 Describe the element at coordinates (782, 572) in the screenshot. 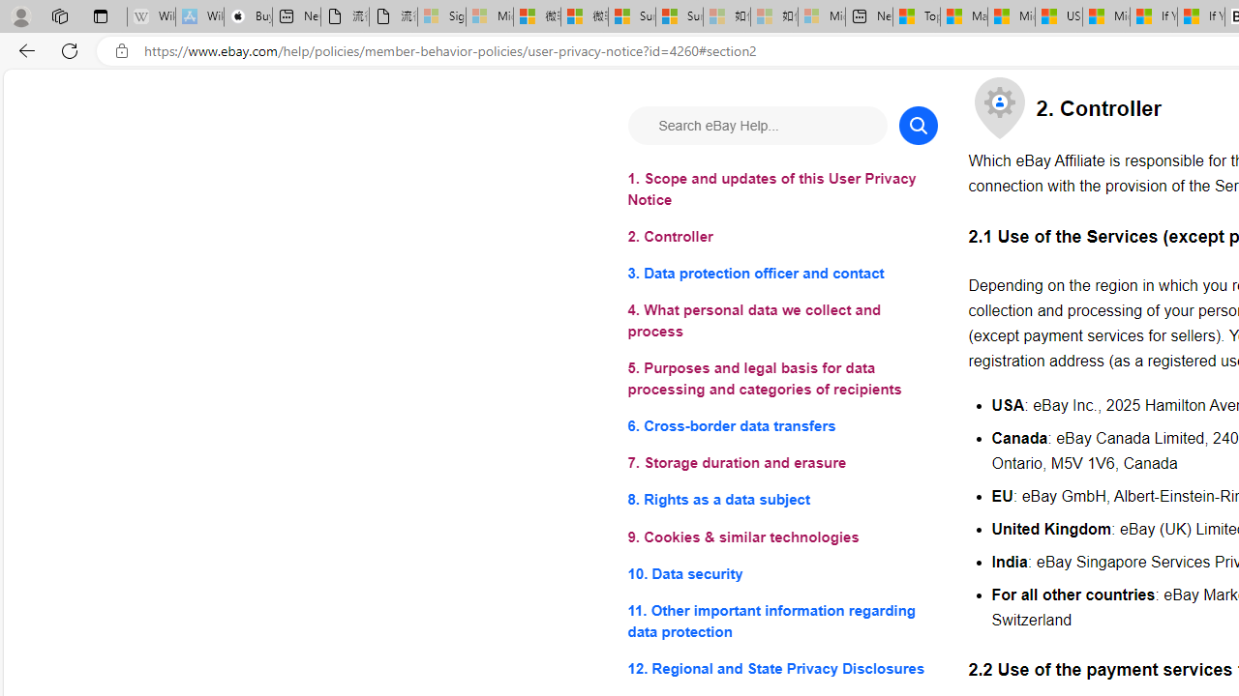

I see `'10. Data security'` at that location.